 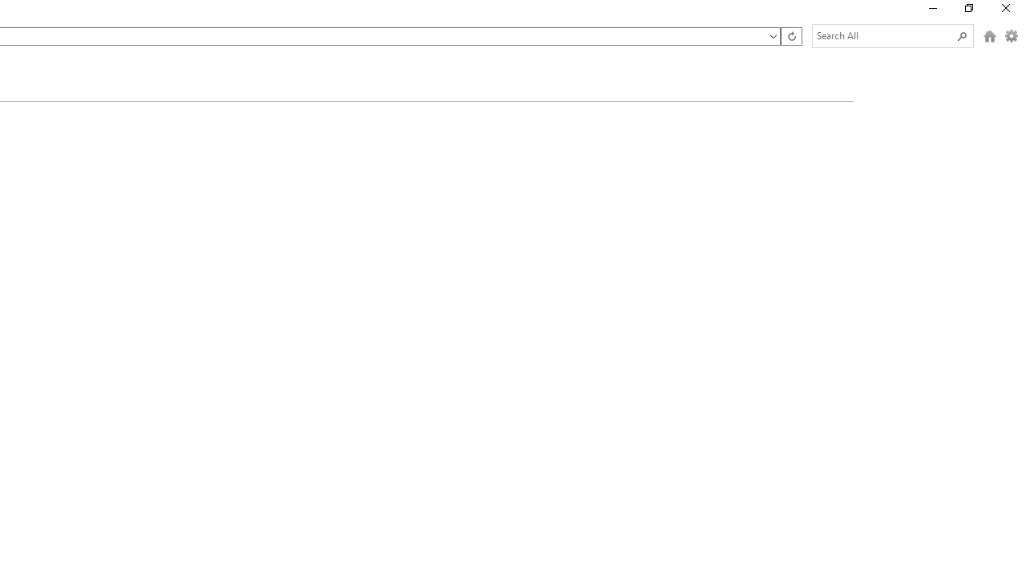 I want to click on 'Search', so click(x=962, y=36).